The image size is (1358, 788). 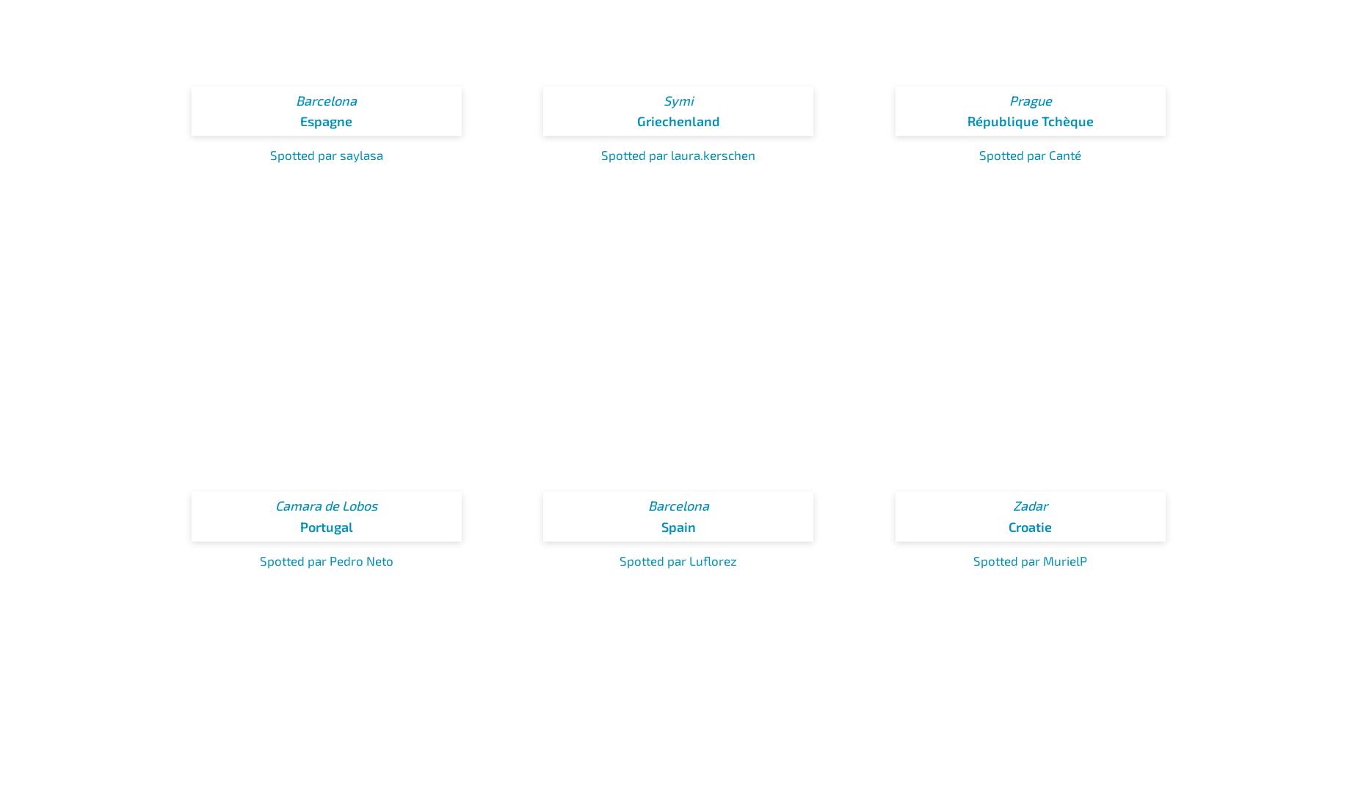 I want to click on 'Spotted par Luflorez', so click(x=678, y=558).